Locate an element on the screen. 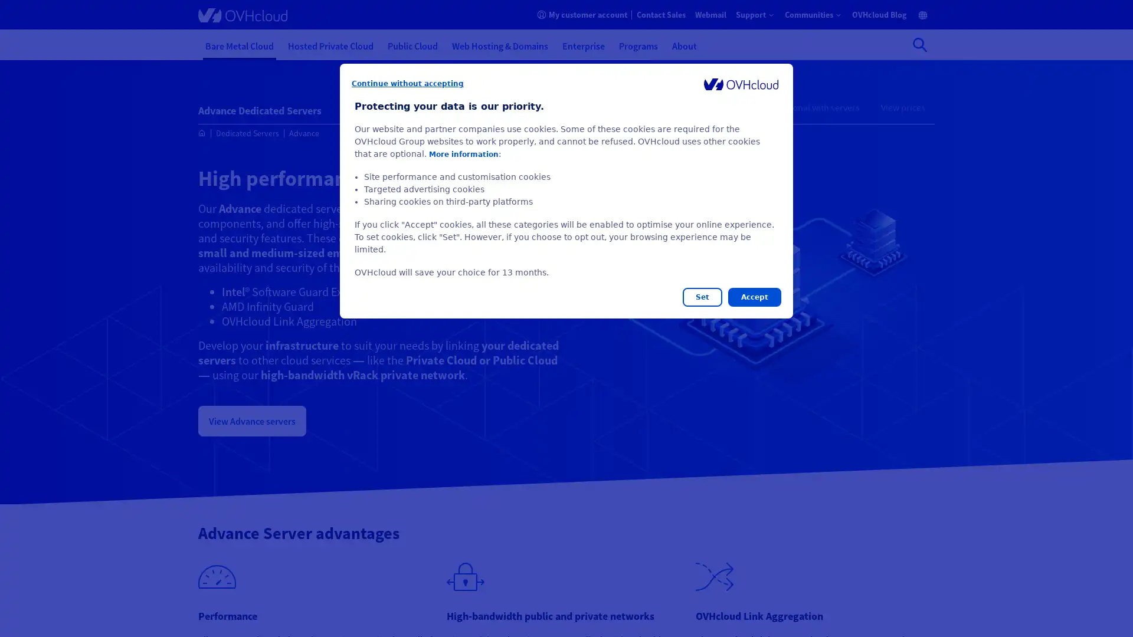 This screenshot has height=637, width=1133. Set is located at coordinates (702, 297).